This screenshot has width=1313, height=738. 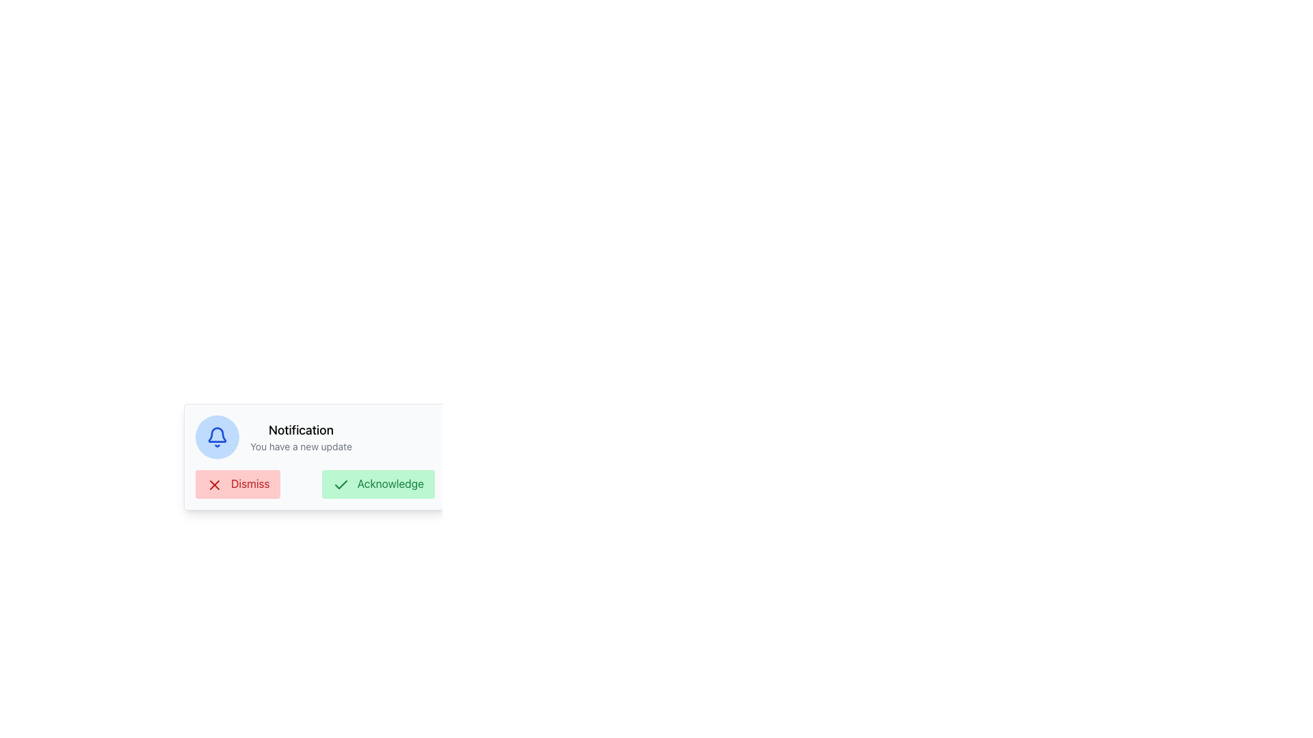 What do you see at coordinates (300, 437) in the screenshot?
I see `text of the notification message displayed in the Text Label that includes the header 'Notification' and the subtext 'You have a new update', which is located to the right of a circular blue icon with a bell symbol` at bounding box center [300, 437].